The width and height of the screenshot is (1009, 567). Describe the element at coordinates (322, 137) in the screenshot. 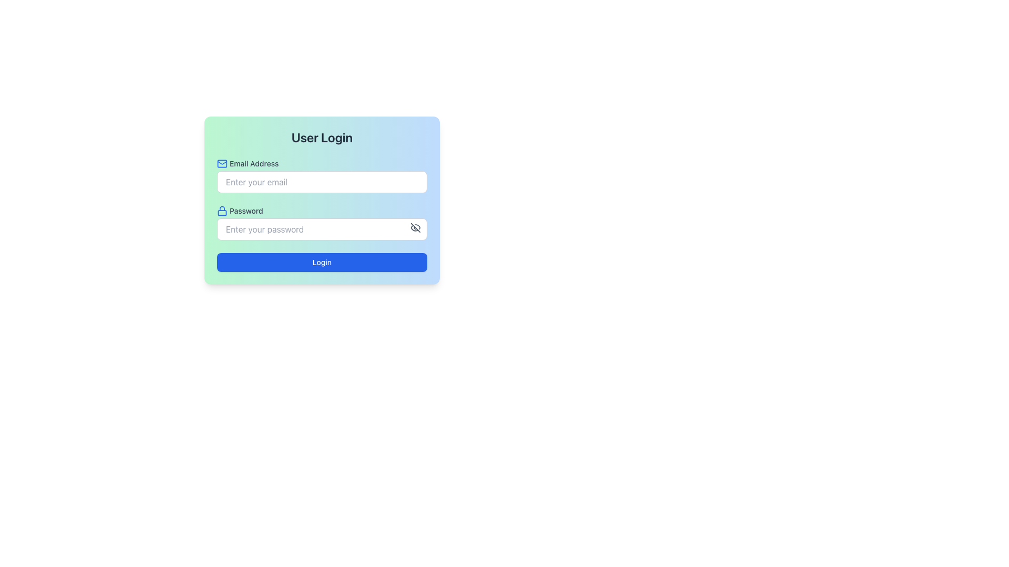

I see `the centered bold heading labeled 'User Login'` at that location.